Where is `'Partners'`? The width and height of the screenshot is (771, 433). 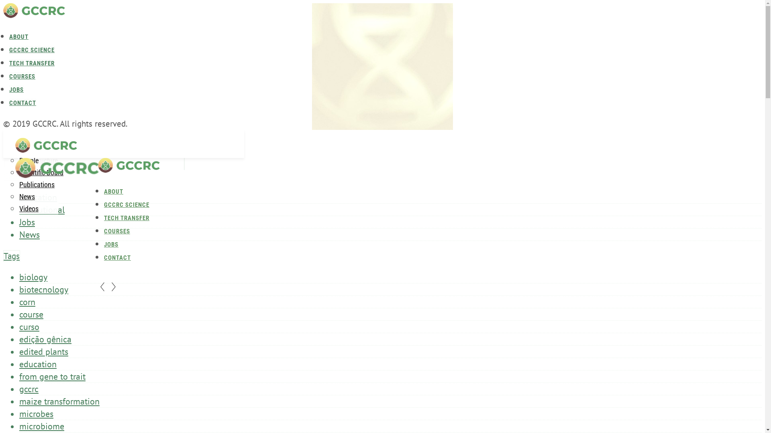 'Partners' is located at coordinates (19, 184).